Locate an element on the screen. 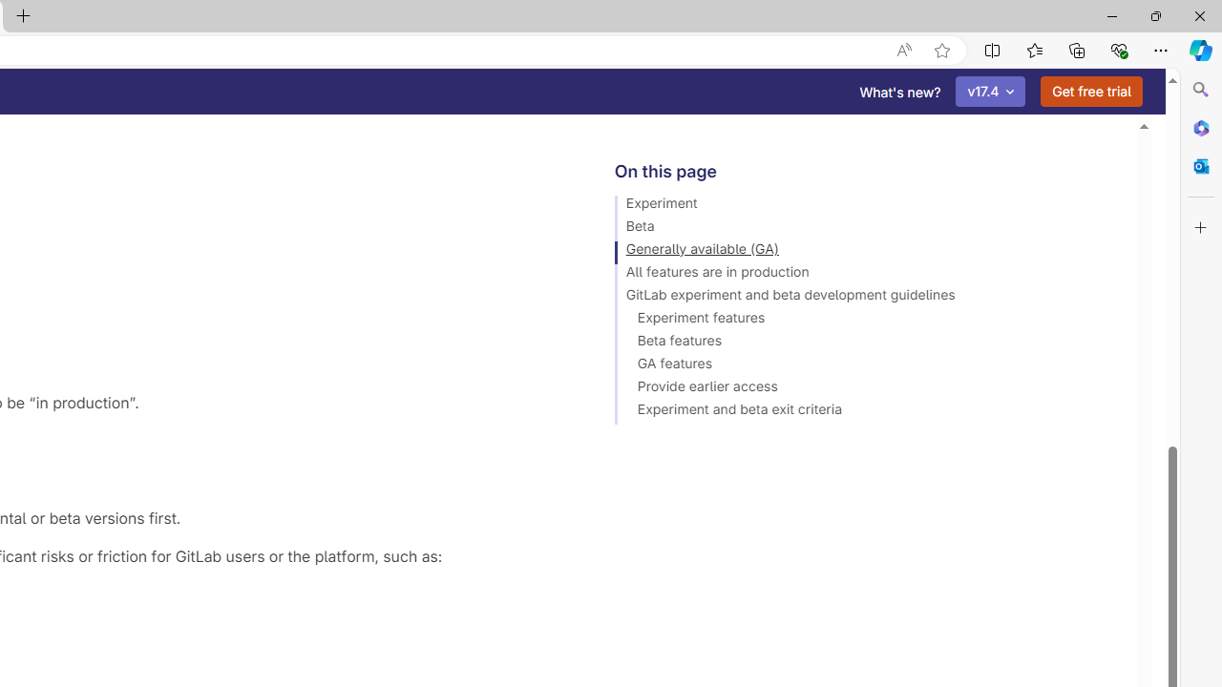 This screenshot has height=687, width=1222. 'Beta features' is located at coordinates (866, 343).